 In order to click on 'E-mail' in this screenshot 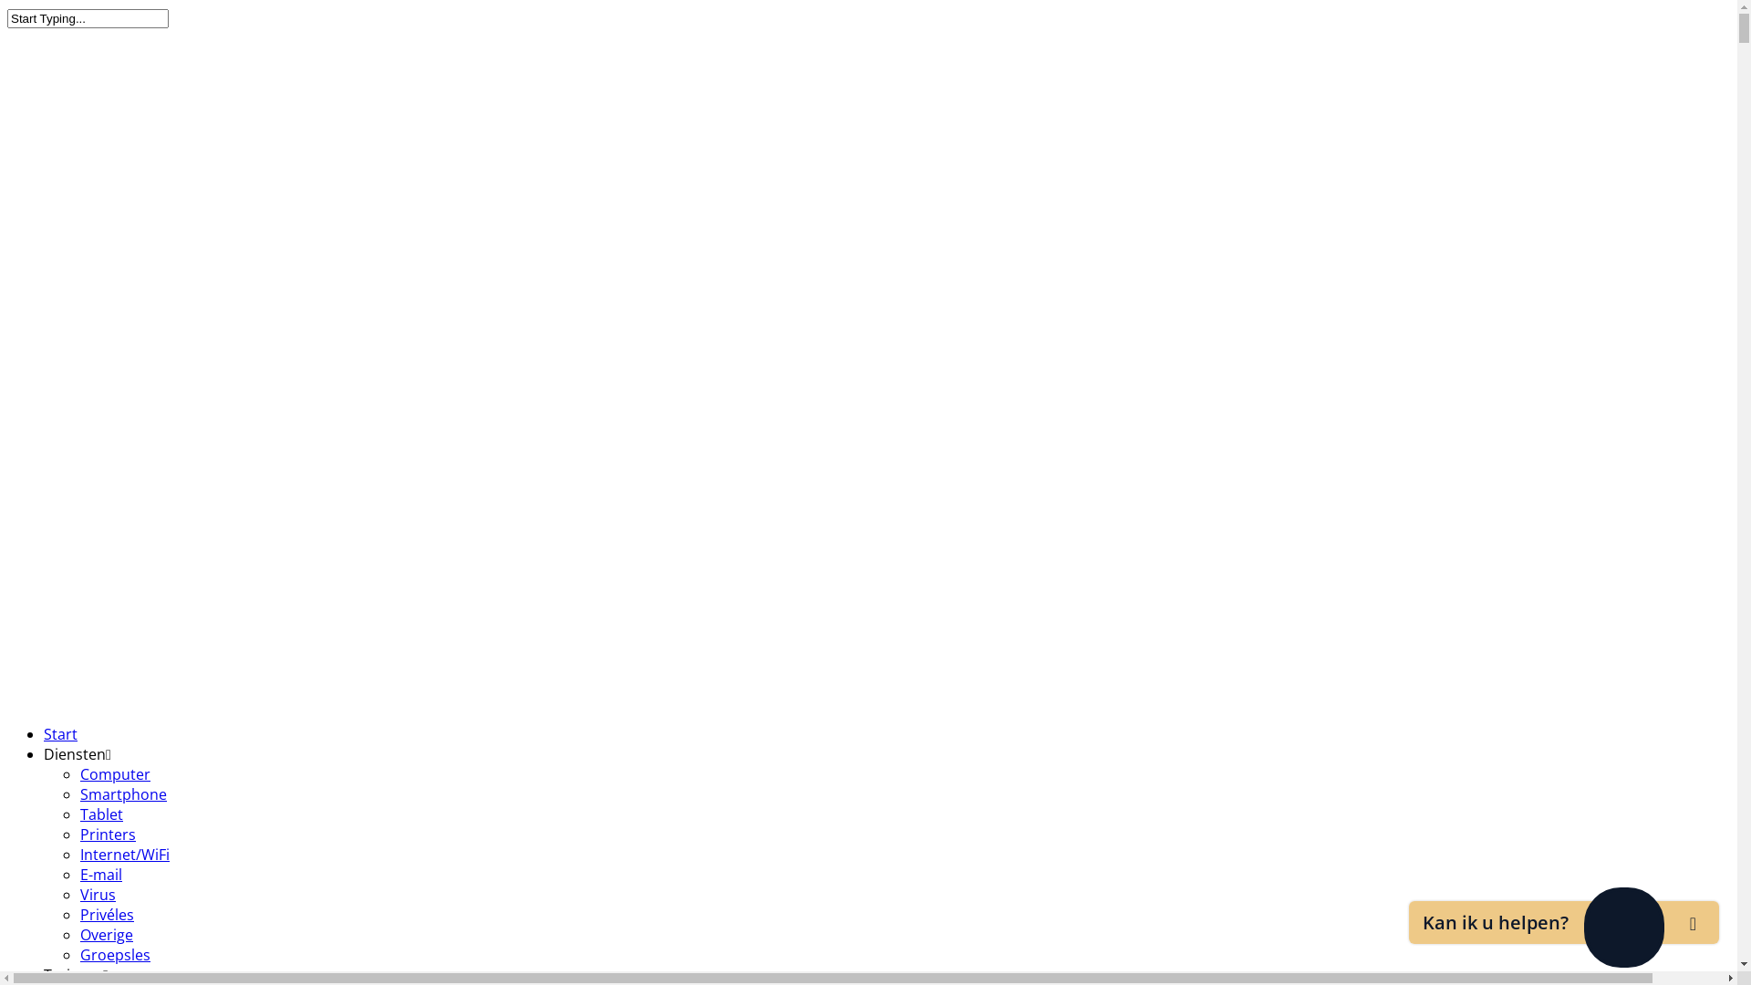, I will do `click(99, 874)`.